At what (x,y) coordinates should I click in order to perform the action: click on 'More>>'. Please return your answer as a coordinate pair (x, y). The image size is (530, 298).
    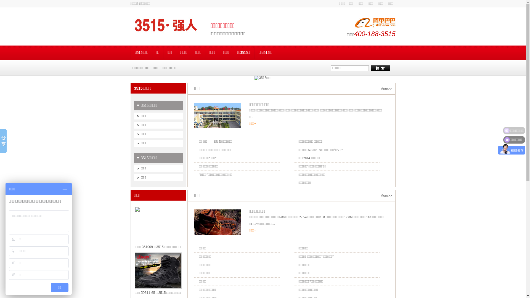
    Looking at the image, I should click on (386, 195).